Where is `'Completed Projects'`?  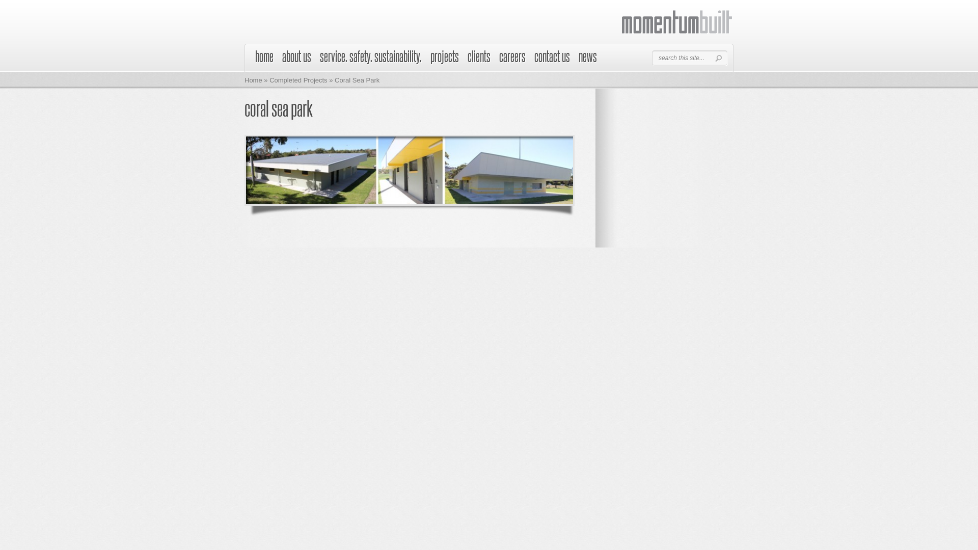 'Completed Projects' is located at coordinates (297, 79).